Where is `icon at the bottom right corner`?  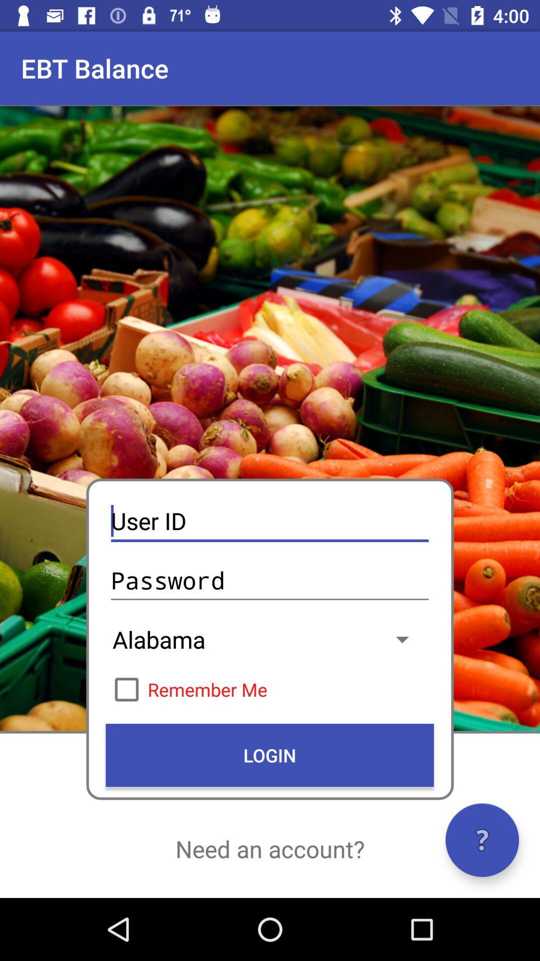
icon at the bottom right corner is located at coordinates (481, 840).